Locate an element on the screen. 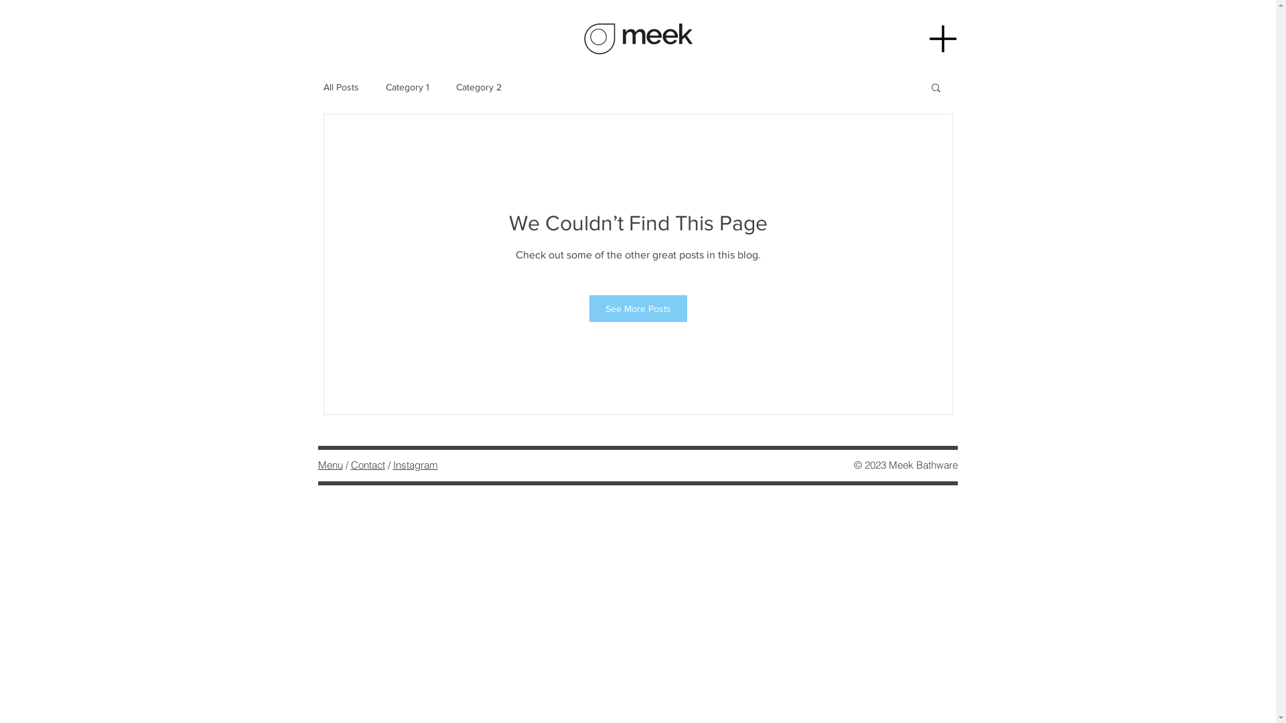 This screenshot has height=723, width=1286. 'See More Posts' is located at coordinates (638, 309).